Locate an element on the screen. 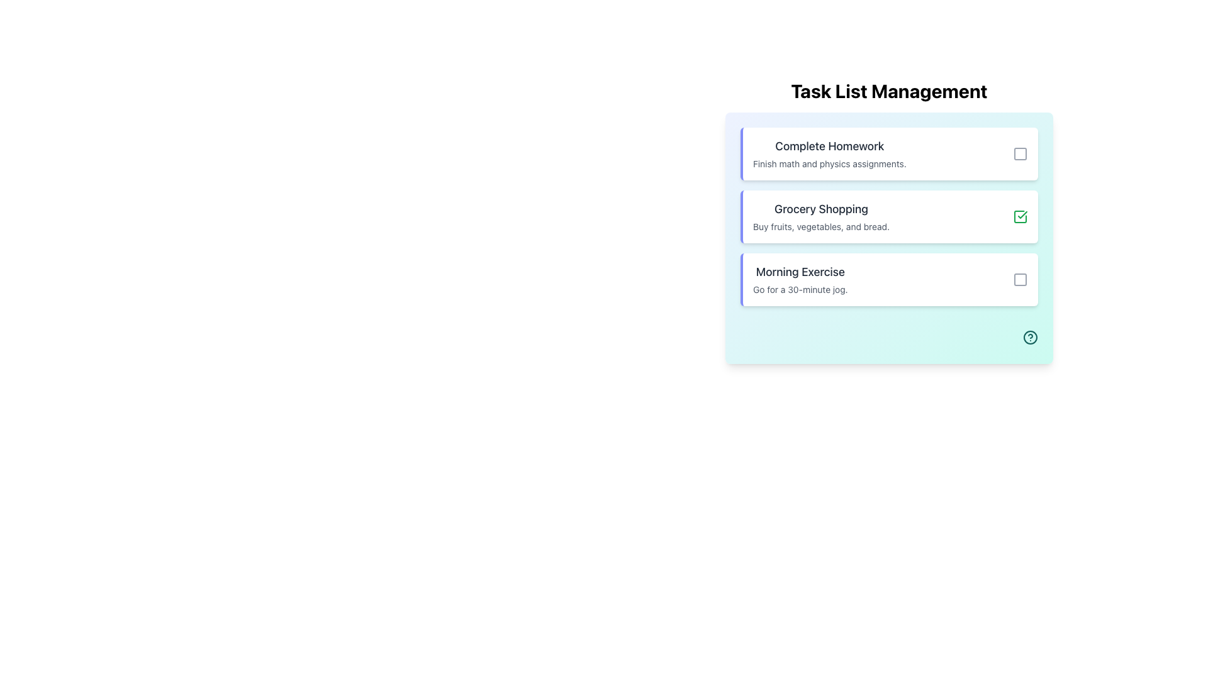  the static text header displaying 'Morning Exercise' in large, bold, dark gray font, located in the third task block above the description 'Go for a 30-minute jog.' is located at coordinates (800, 271).